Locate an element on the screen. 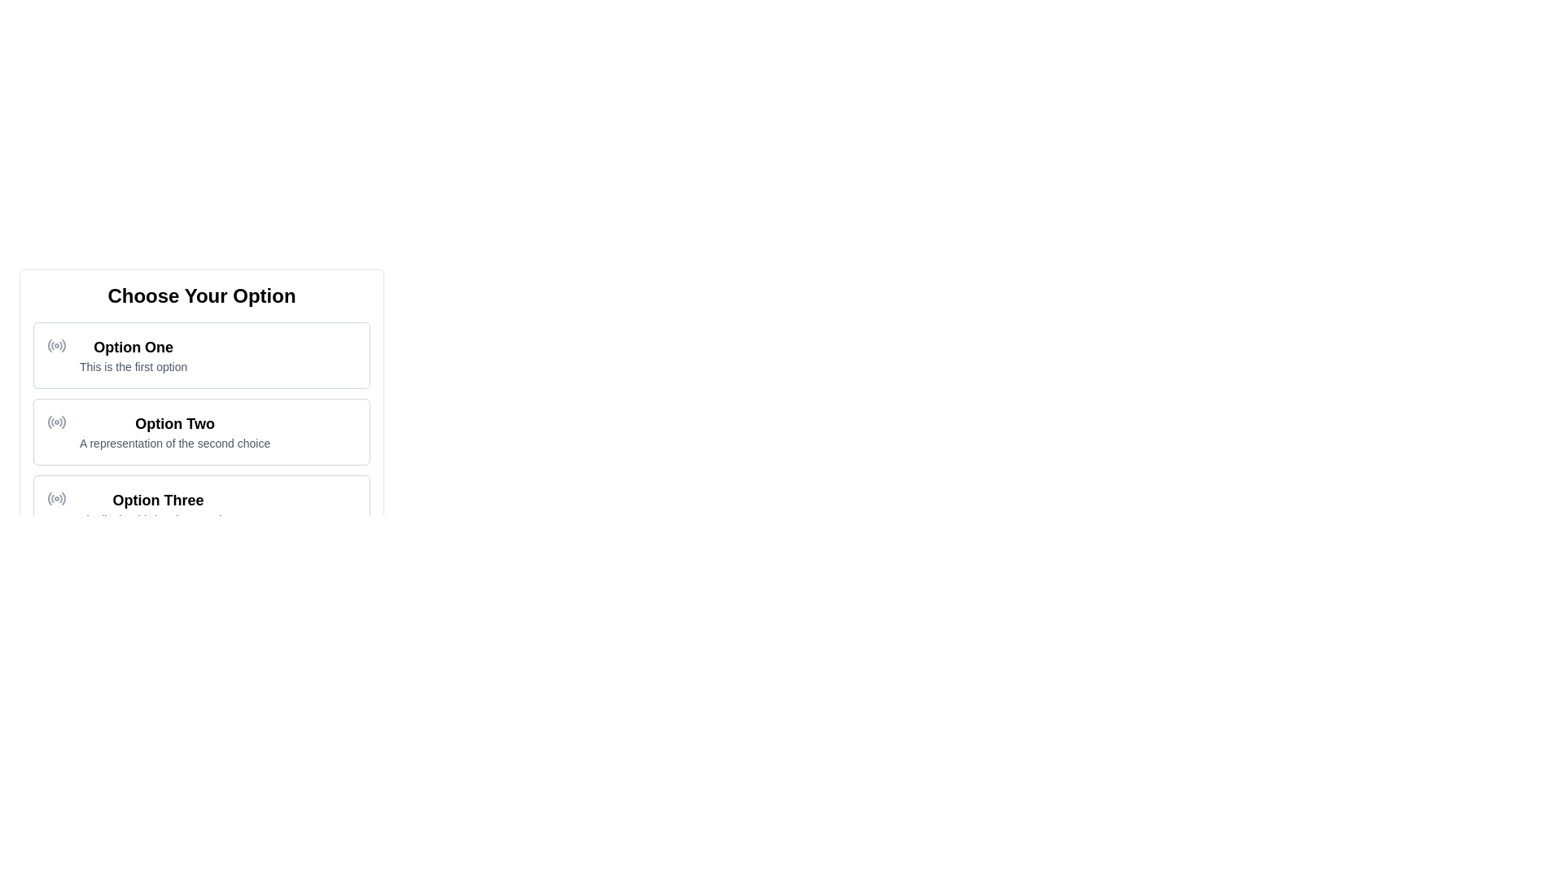 This screenshot has height=879, width=1563. the list item titled 'Option Three', which is the third item in a vertical list and features a bold black font title and a smaller light gray description is located at coordinates (158, 507).